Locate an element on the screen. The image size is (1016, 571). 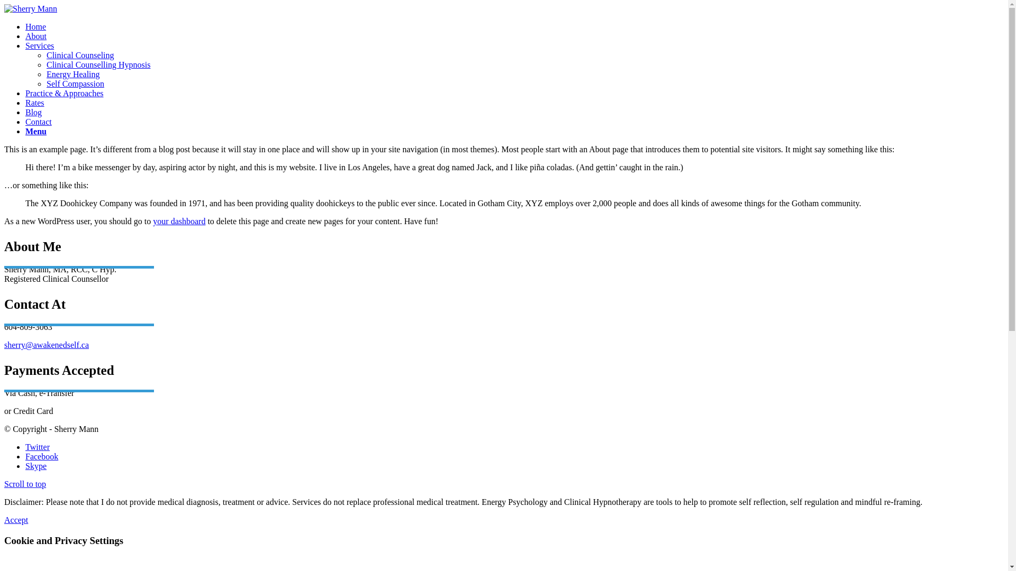
'your dashboard' is located at coordinates (179, 220).